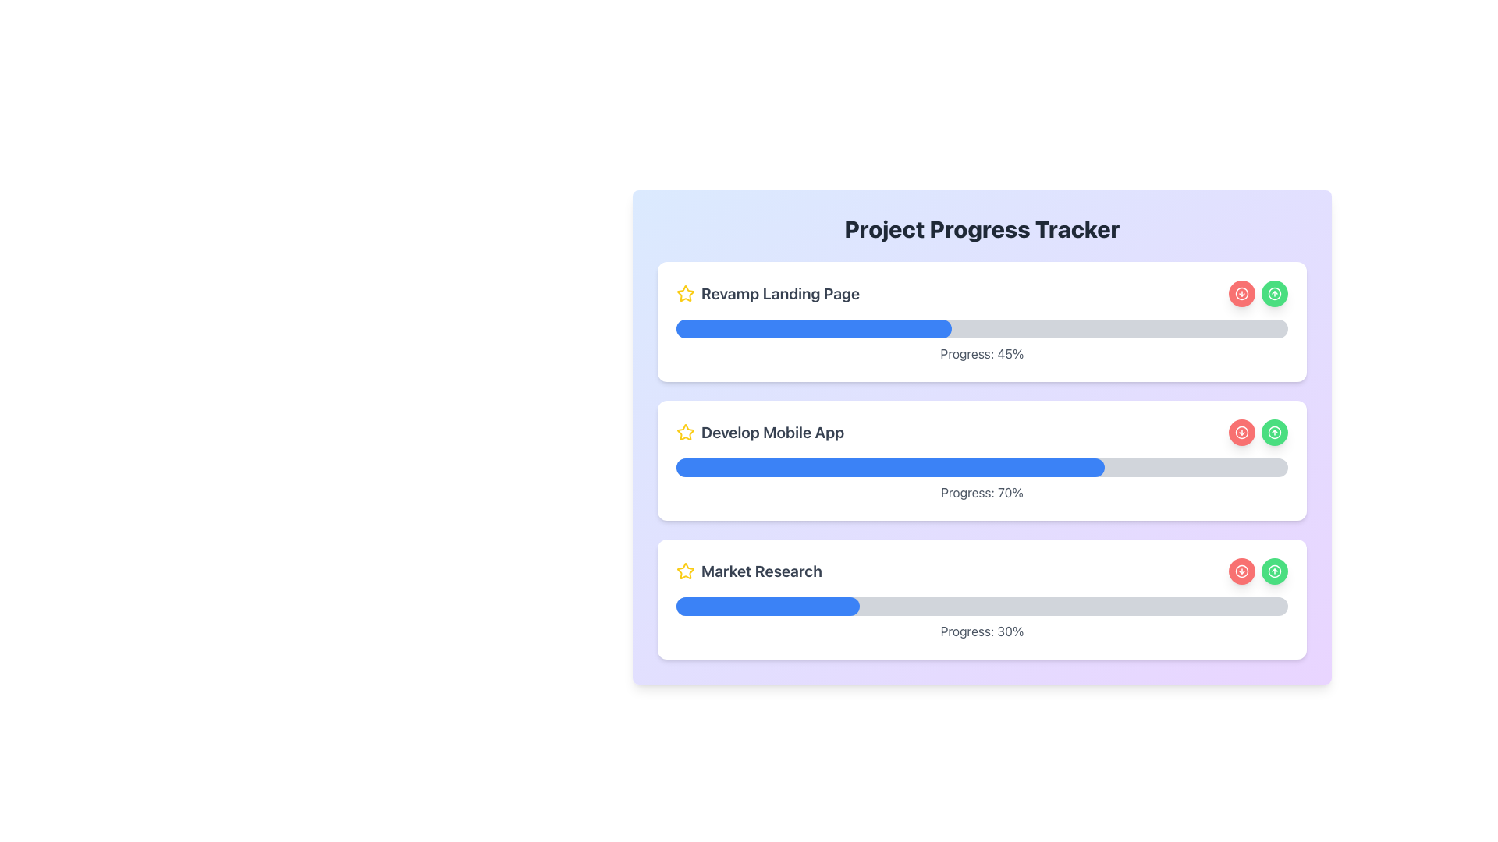 This screenshot has height=842, width=1498. Describe the element at coordinates (981, 493) in the screenshot. I see `the progress percentage label located at the bottom of the 'Develop Mobile App' card, which indicates 70% completion` at that location.